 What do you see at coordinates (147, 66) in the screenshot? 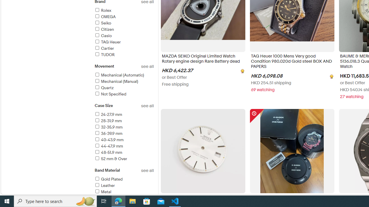
I see `'See all movement refinements'` at bounding box center [147, 66].